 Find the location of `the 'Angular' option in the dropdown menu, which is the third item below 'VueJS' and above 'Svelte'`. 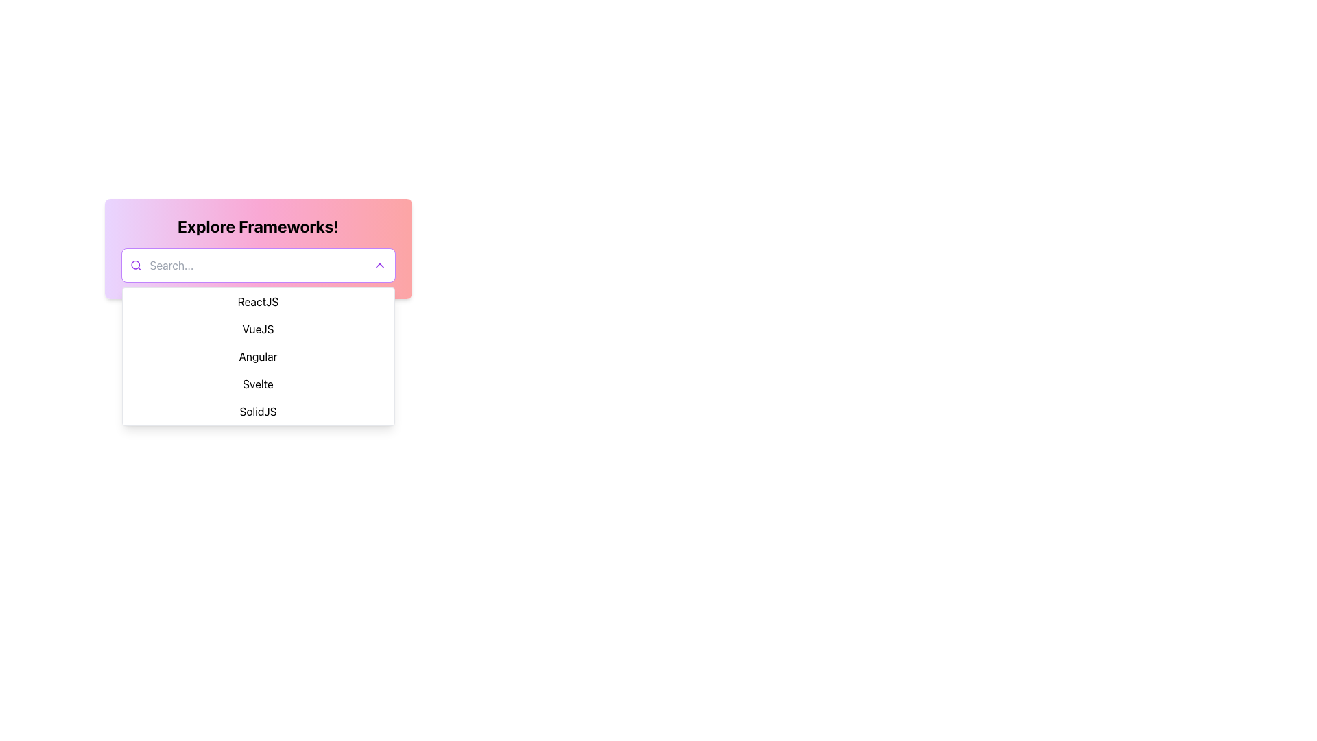

the 'Angular' option in the dropdown menu, which is the third item below 'VueJS' and above 'Svelte' is located at coordinates (258, 356).